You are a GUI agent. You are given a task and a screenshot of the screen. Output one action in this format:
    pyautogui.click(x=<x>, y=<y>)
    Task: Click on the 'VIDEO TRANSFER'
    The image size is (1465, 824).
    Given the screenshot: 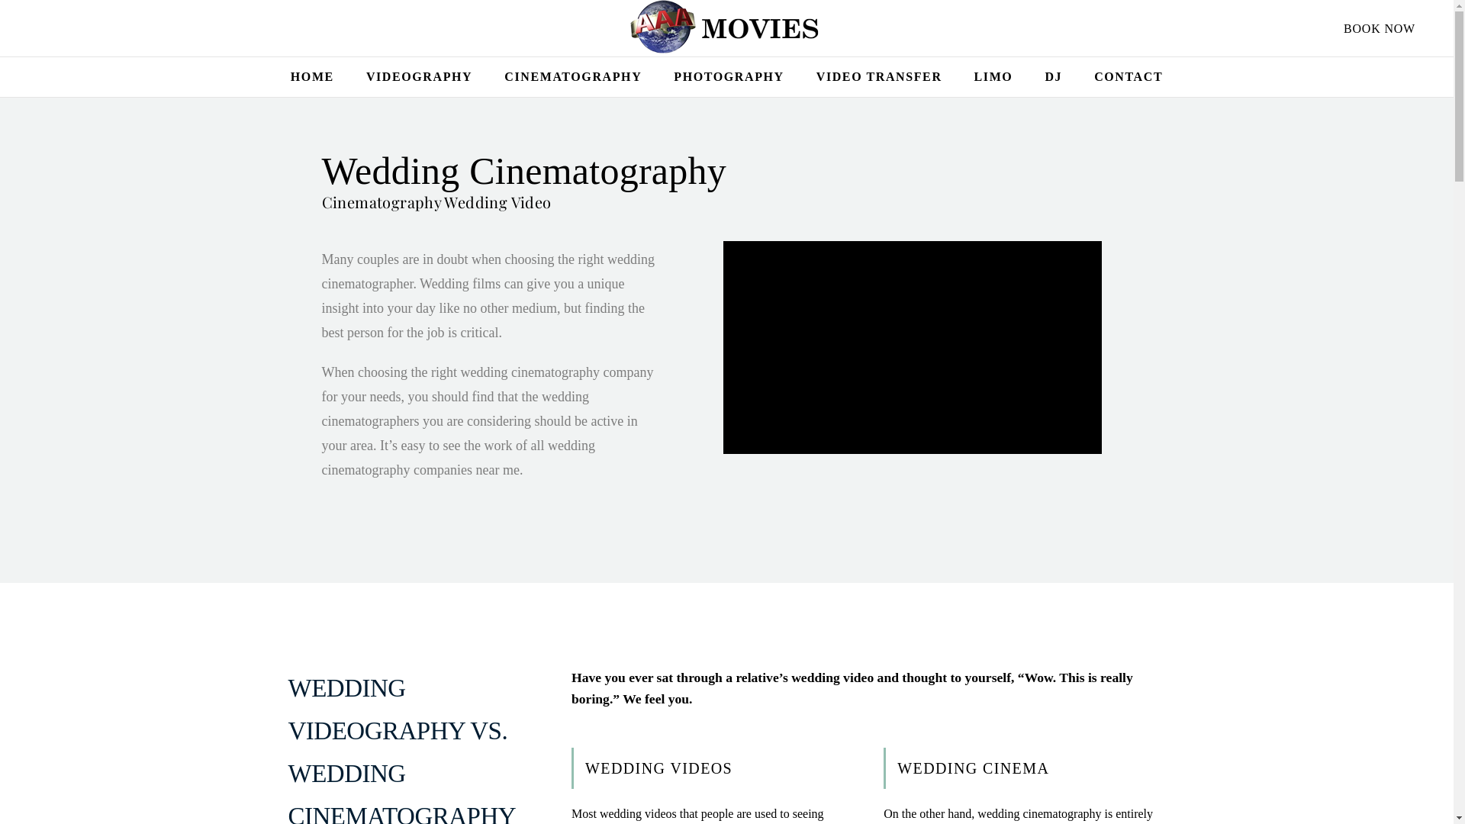 What is the action you would take?
    pyautogui.click(x=879, y=76)
    